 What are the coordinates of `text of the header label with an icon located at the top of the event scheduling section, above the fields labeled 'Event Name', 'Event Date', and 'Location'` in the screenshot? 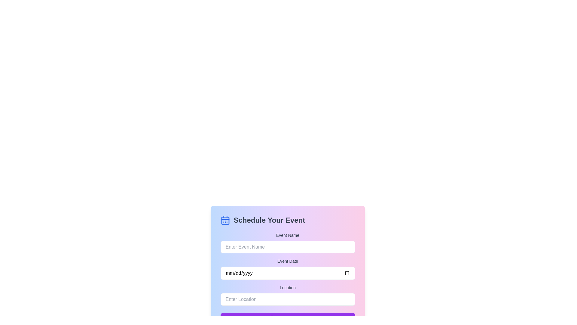 It's located at (287, 220).